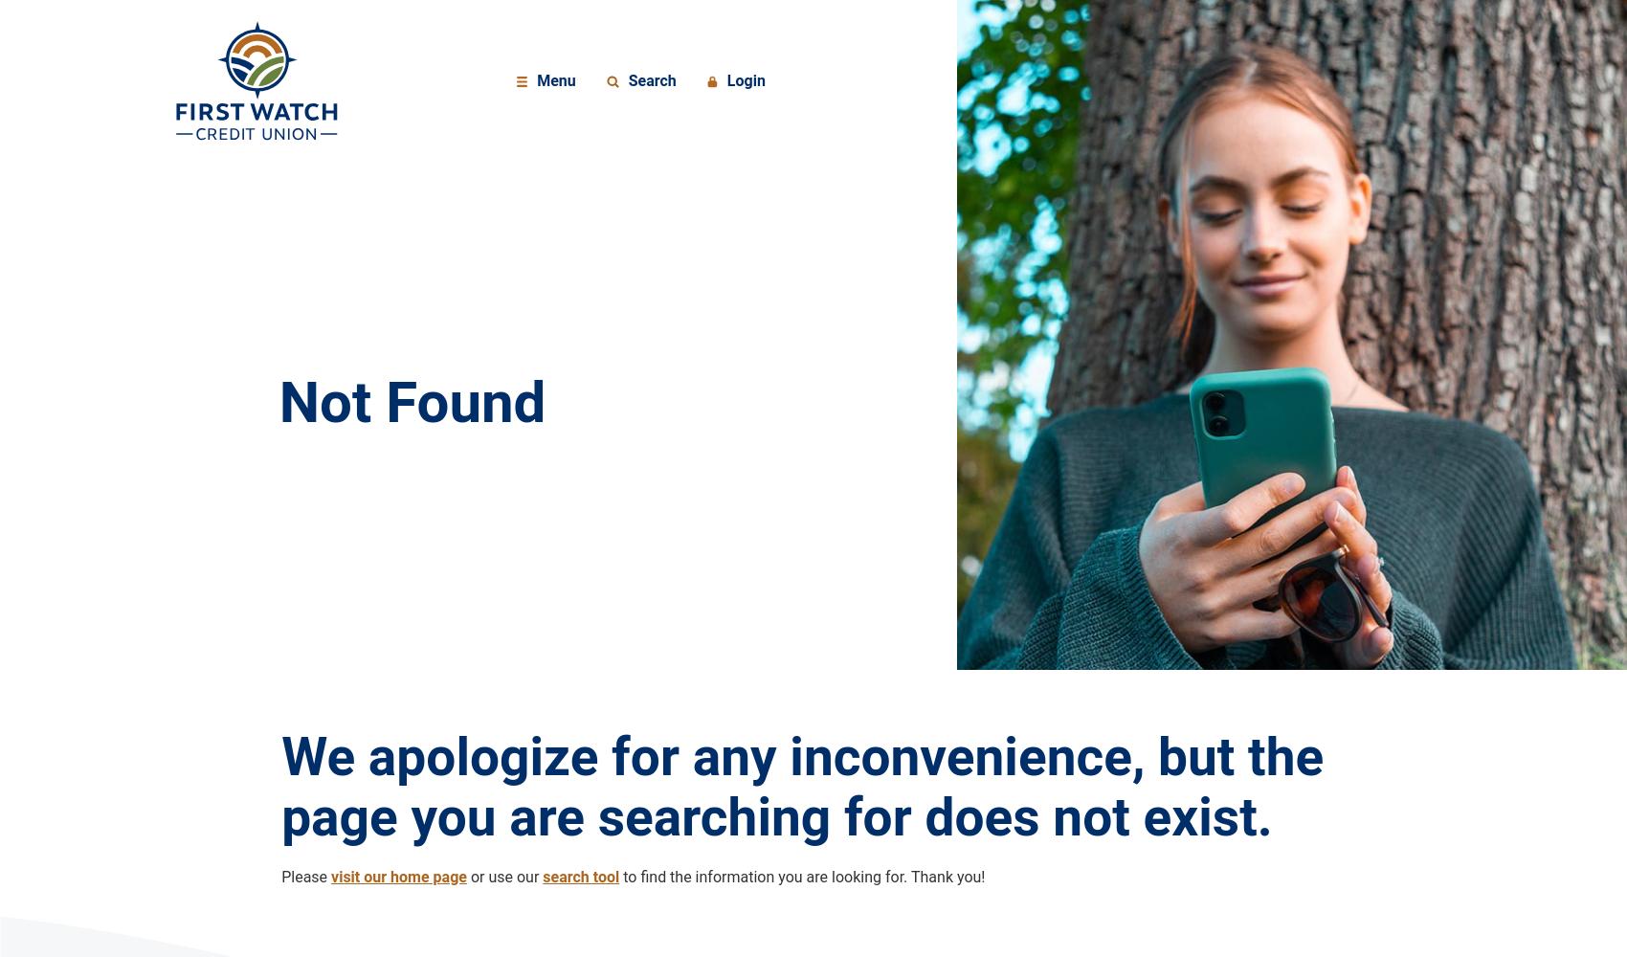 The image size is (1627, 957). I want to click on 'Login', so click(744, 79).